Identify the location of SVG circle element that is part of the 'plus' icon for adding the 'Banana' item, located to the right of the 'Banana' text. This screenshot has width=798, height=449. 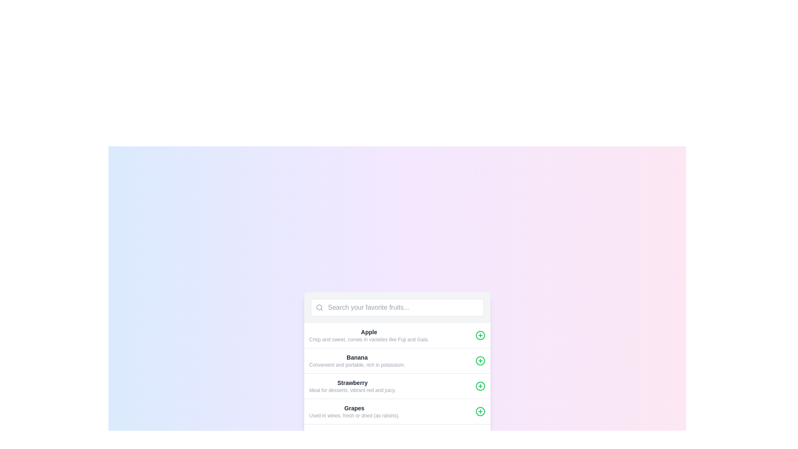
(480, 360).